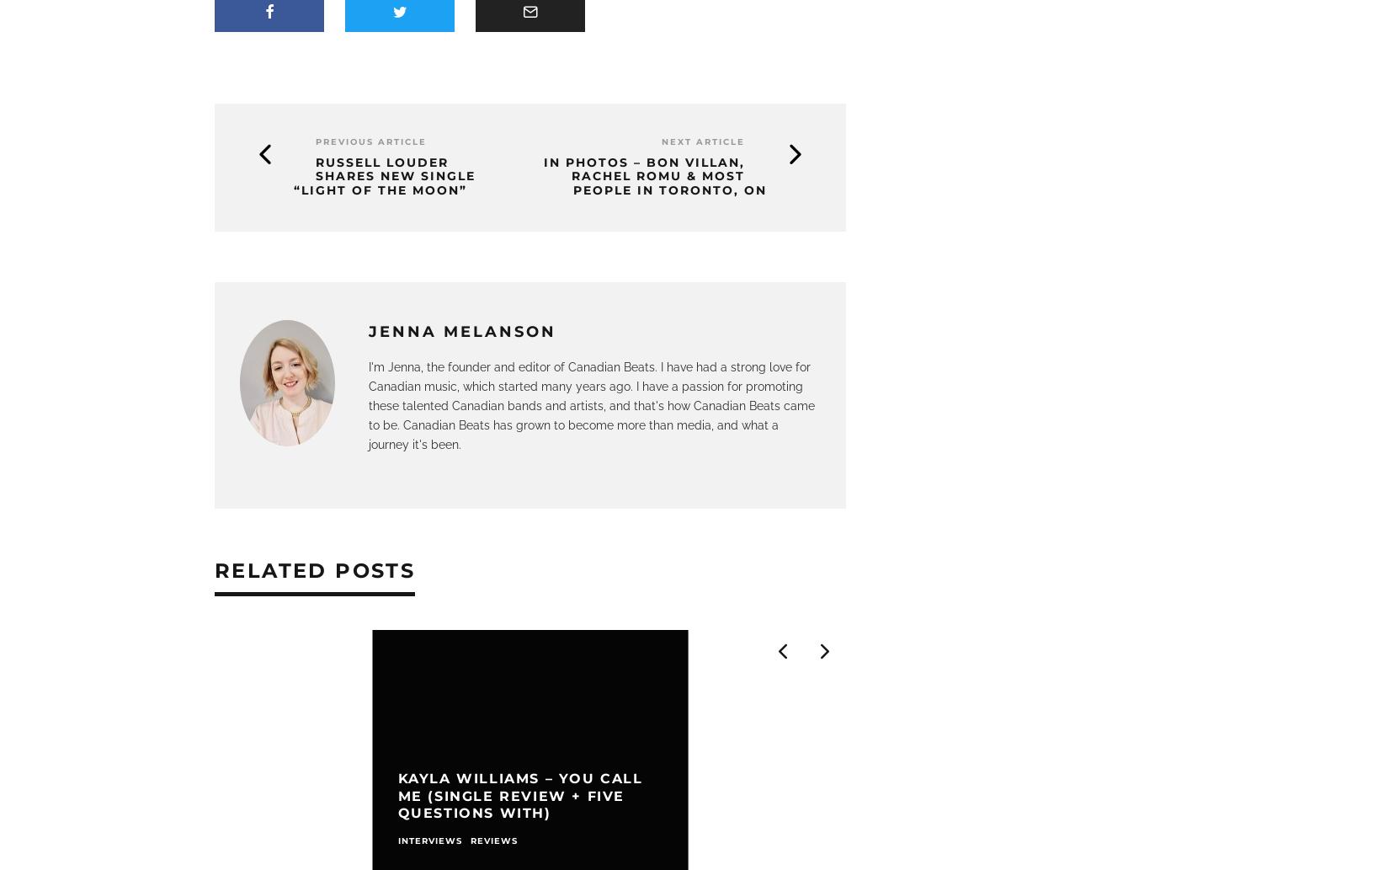  What do you see at coordinates (492, 840) in the screenshot?
I see `'Reviews'` at bounding box center [492, 840].